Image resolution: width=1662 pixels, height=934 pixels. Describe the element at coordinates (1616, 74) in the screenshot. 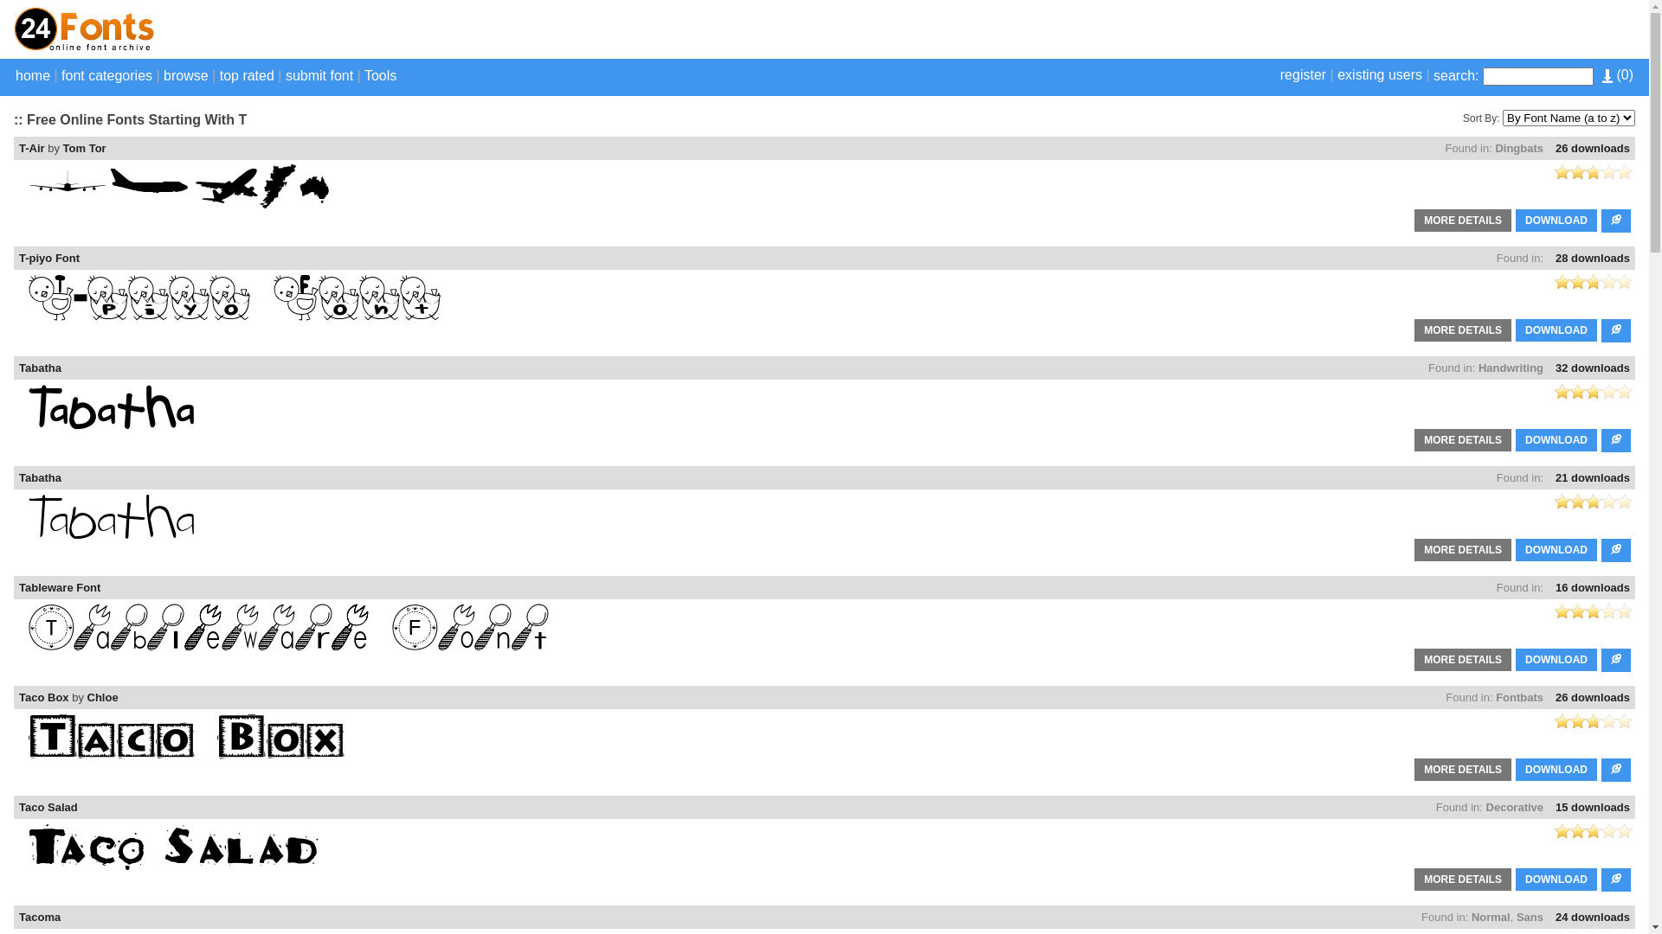

I see `'(0)'` at that location.